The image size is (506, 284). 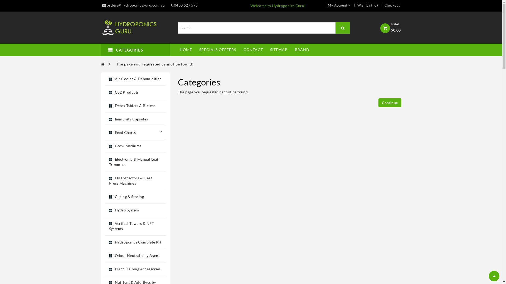 What do you see at coordinates (365, 5) in the screenshot?
I see `'Wish List (0)'` at bounding box center [365, 5].